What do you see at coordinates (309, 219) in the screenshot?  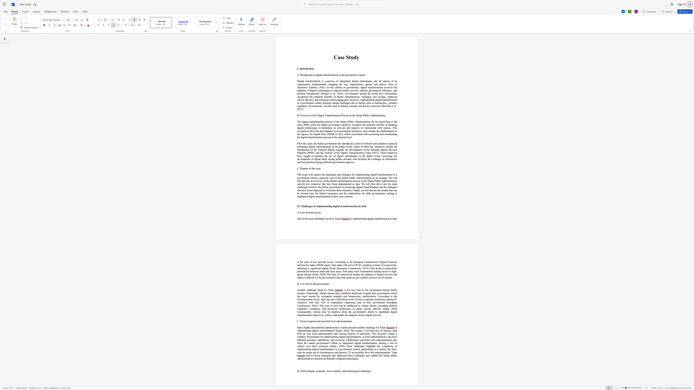 I see `the 1th character "m" in the text` at bounding box center [309, 219].